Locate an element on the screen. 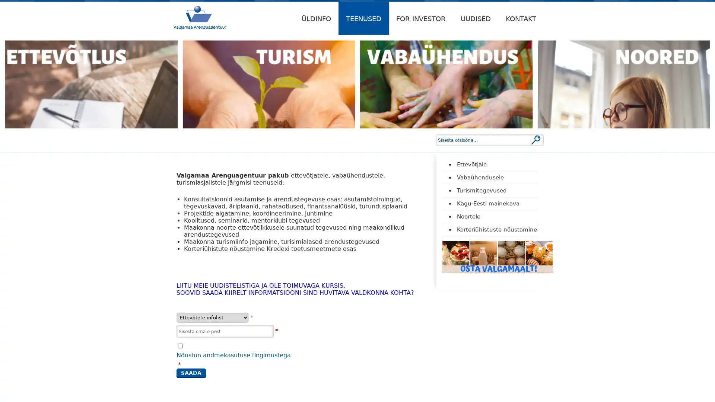 The image size is (715, 402). Saada is located at coordinates (191, 373).